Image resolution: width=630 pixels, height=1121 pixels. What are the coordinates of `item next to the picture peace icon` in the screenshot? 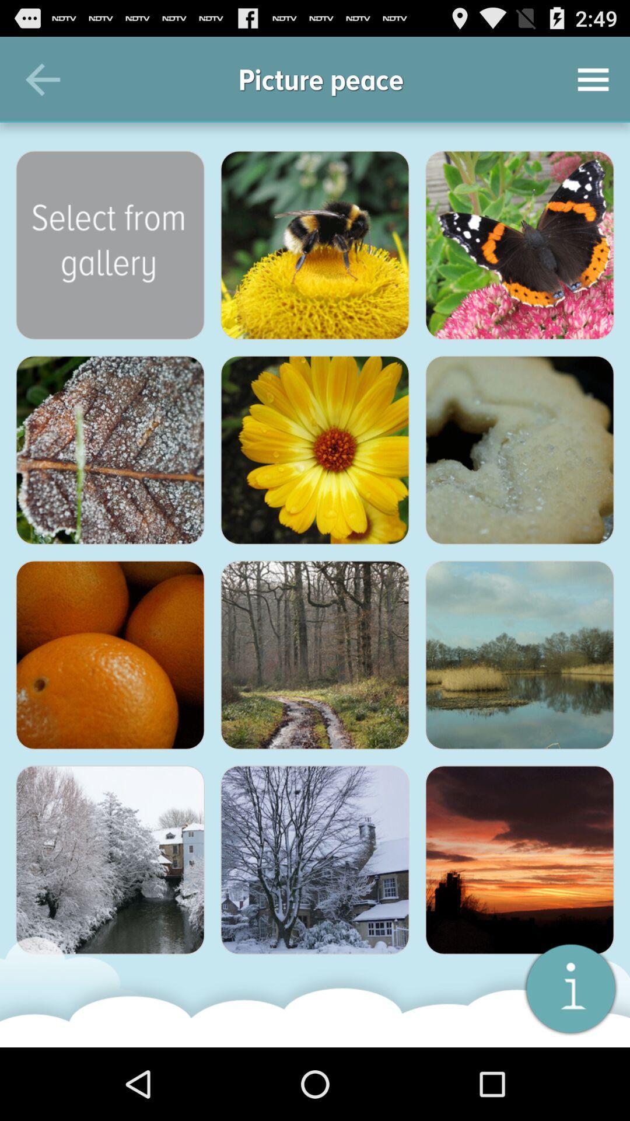 It's located at (42, 79).